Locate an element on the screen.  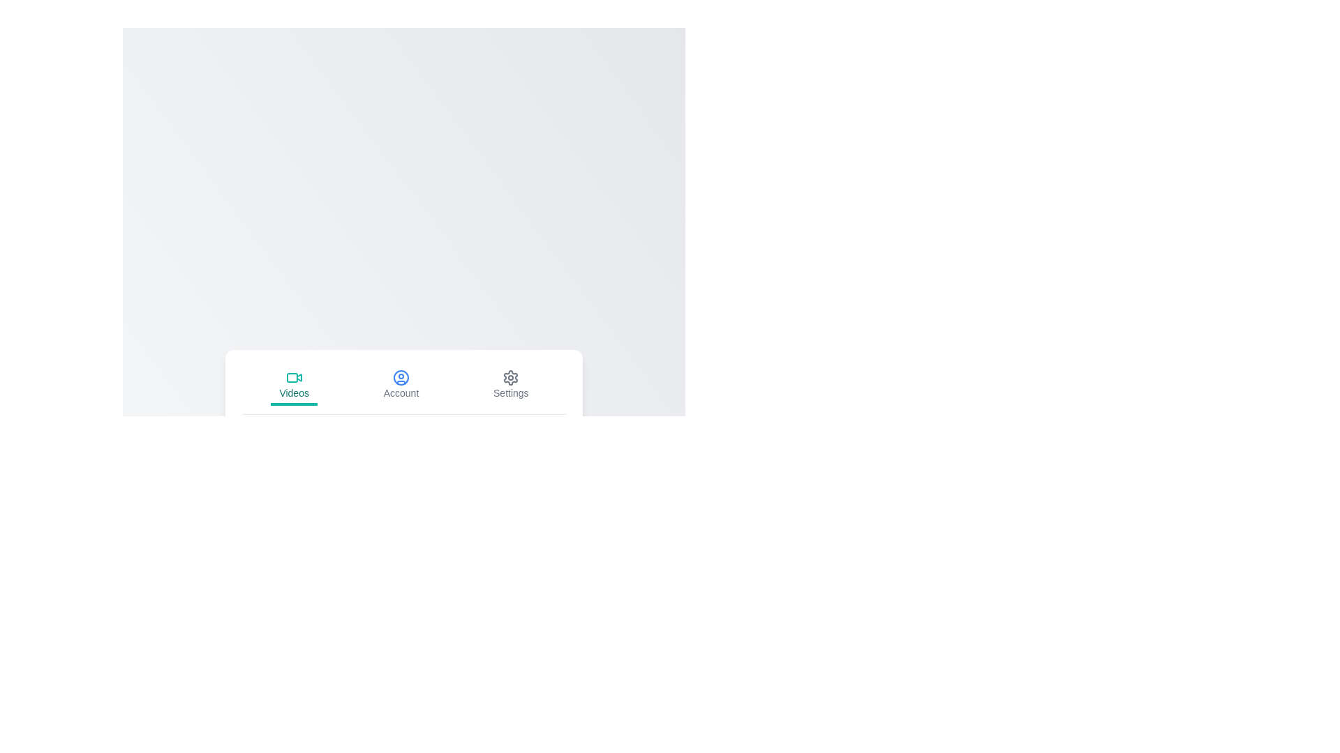
the icon of the Videos tab to select it is located at coordinates (293, 377).